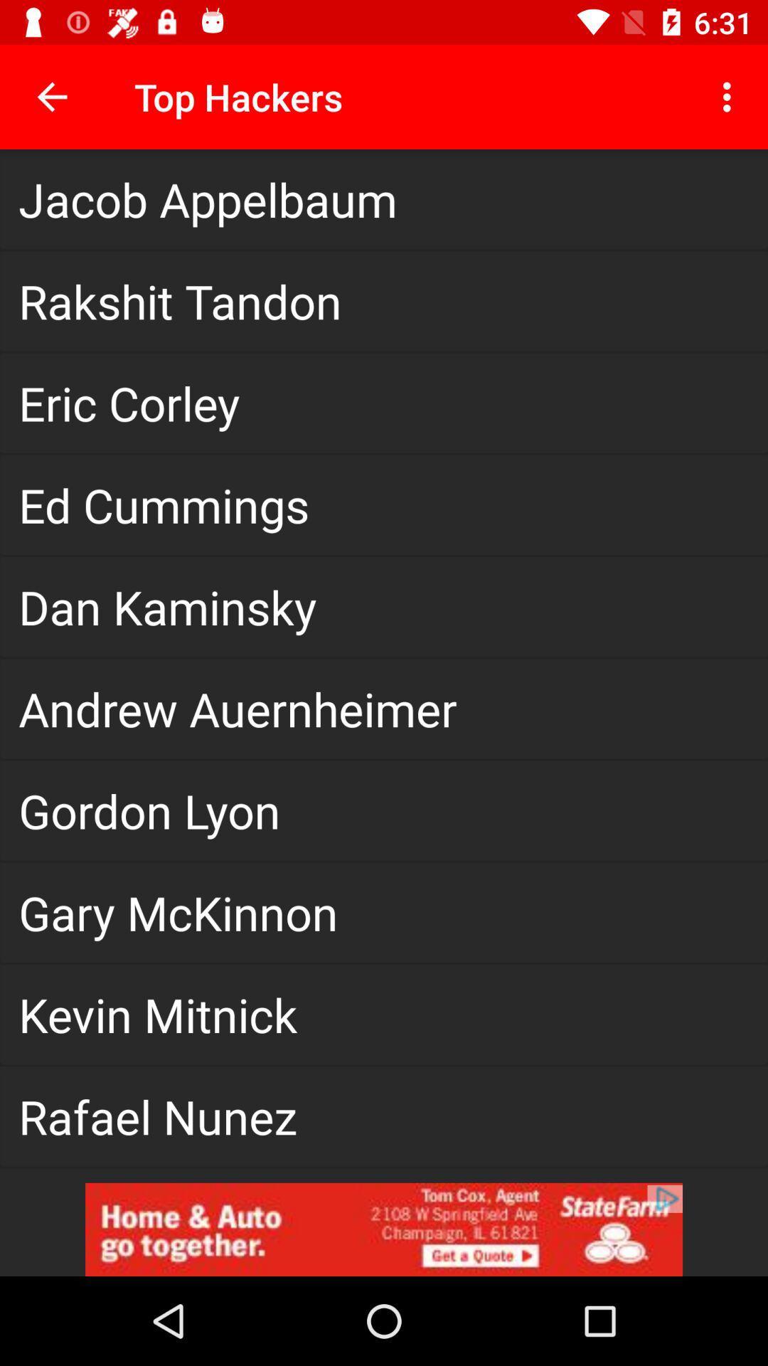  I want to click on goes to state farm 's website, so click(384, 1229).